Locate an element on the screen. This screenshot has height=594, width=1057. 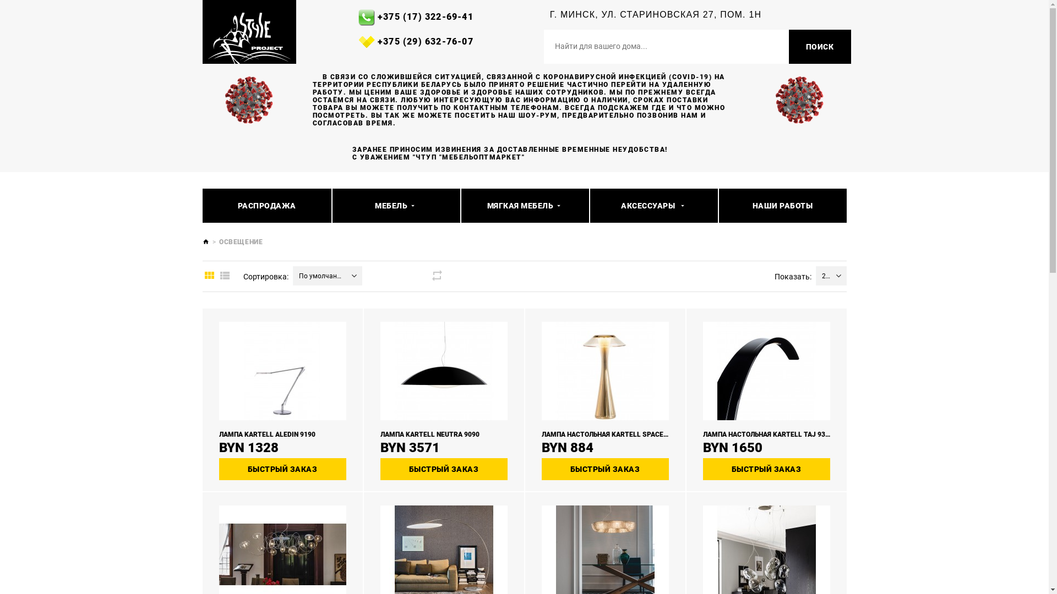
'200' is located at coordinates (822, 275).